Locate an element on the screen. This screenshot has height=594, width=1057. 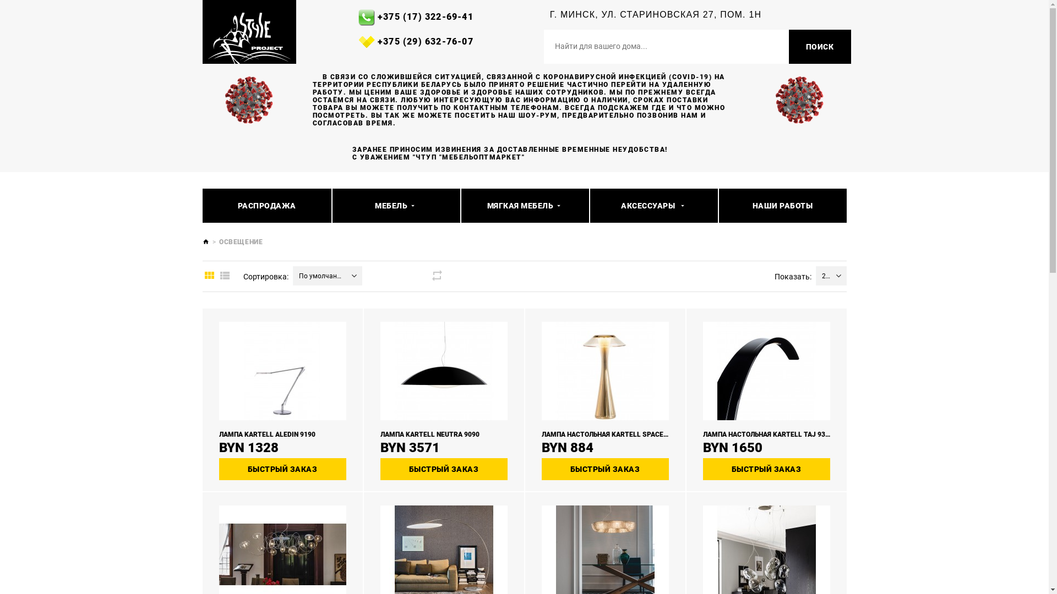
'200' is located at coordinates (822, 275).